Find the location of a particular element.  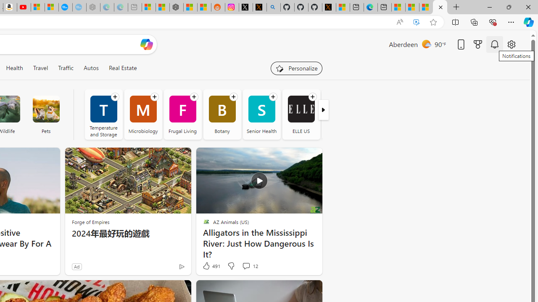

'Microbiology' is located at coordinates (143, 114).